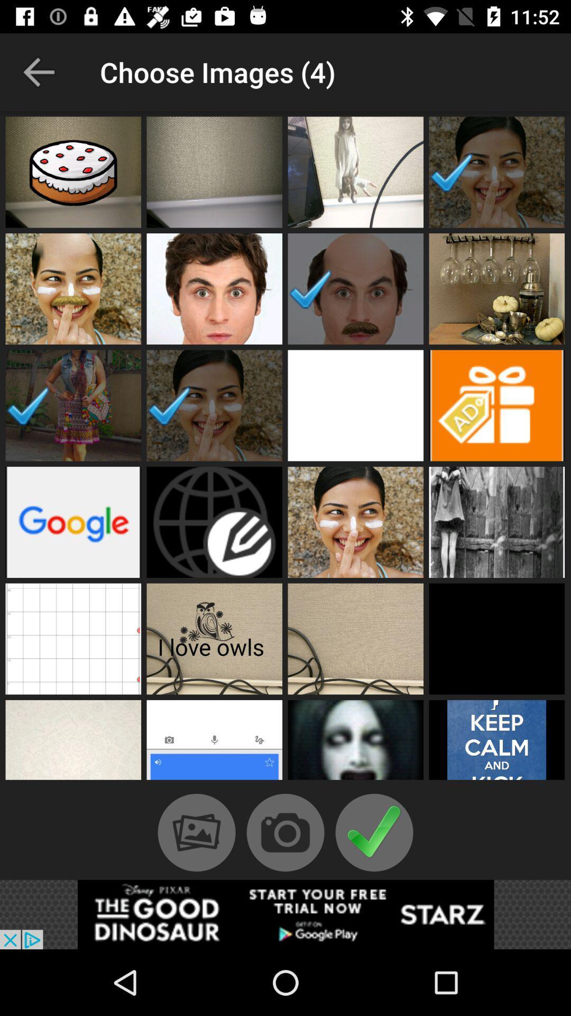 The width and height of the screenshot is (571, 1016). I want to click on open image, so click(214, 522).